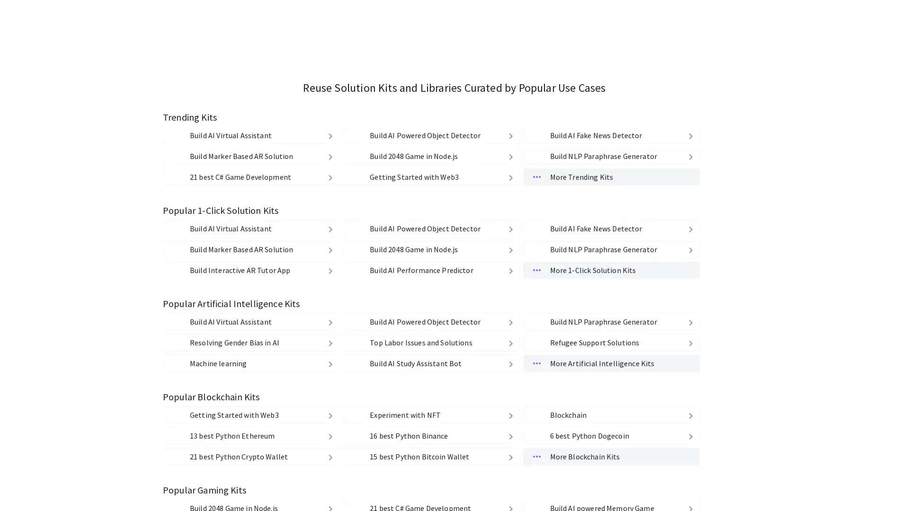 Image resolution: width=909 pixels, height=511 pixels. I want to click on delete, so click(330, 373).